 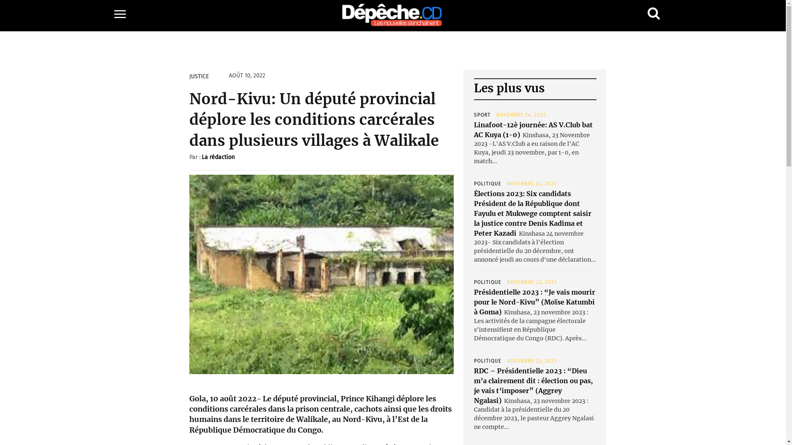 What do you see at coordinates (198, 76) in the screenshot?
I see `'JUSTICE'` at bounding box center [198, 76].